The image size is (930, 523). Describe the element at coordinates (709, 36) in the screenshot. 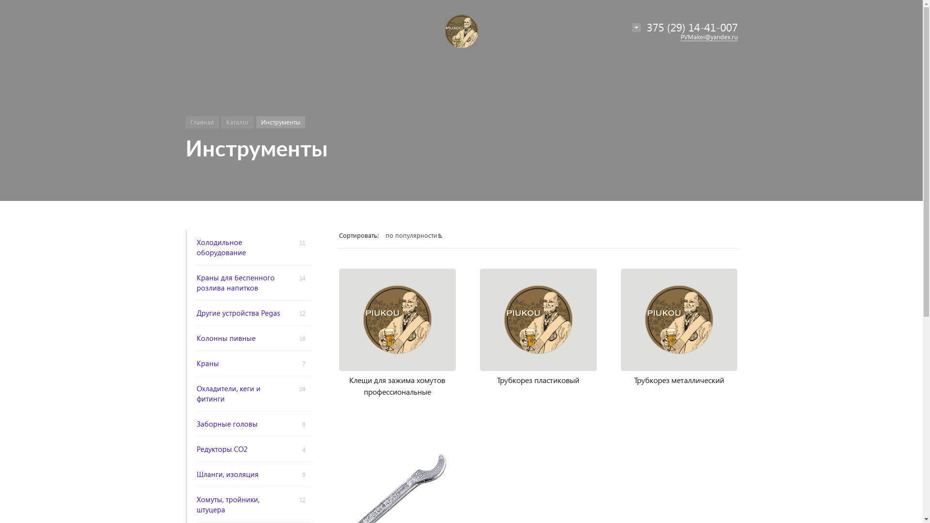

I see `'PVMakei@yandex.ru'` at that location.